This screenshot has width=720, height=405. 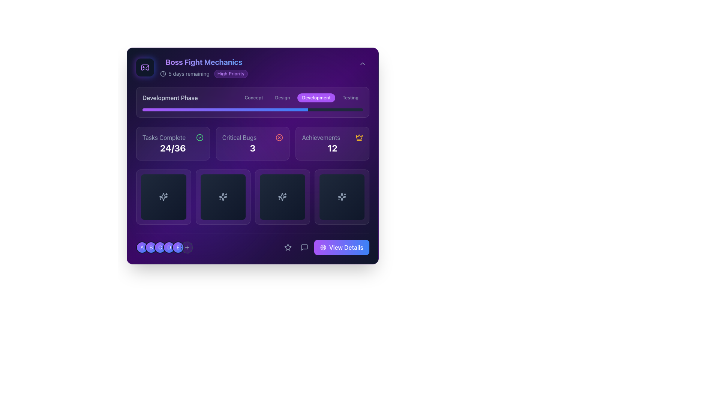 I want to click on the first selectable avatar or button-like UI element representing the letter 'A' located at the bottom left of the interface, so click(x=142, y=247).